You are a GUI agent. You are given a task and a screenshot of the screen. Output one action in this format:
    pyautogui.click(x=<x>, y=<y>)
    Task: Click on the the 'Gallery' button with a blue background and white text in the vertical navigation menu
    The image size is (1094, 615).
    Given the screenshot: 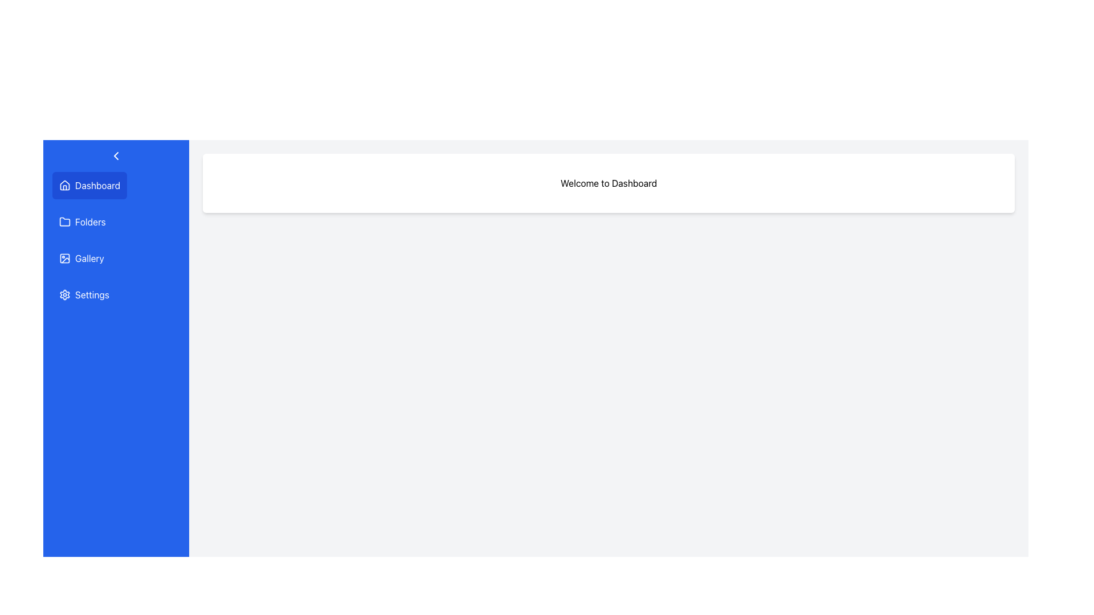 What is the action you would take?
    pyautogui.click(x=81, y=259)
    